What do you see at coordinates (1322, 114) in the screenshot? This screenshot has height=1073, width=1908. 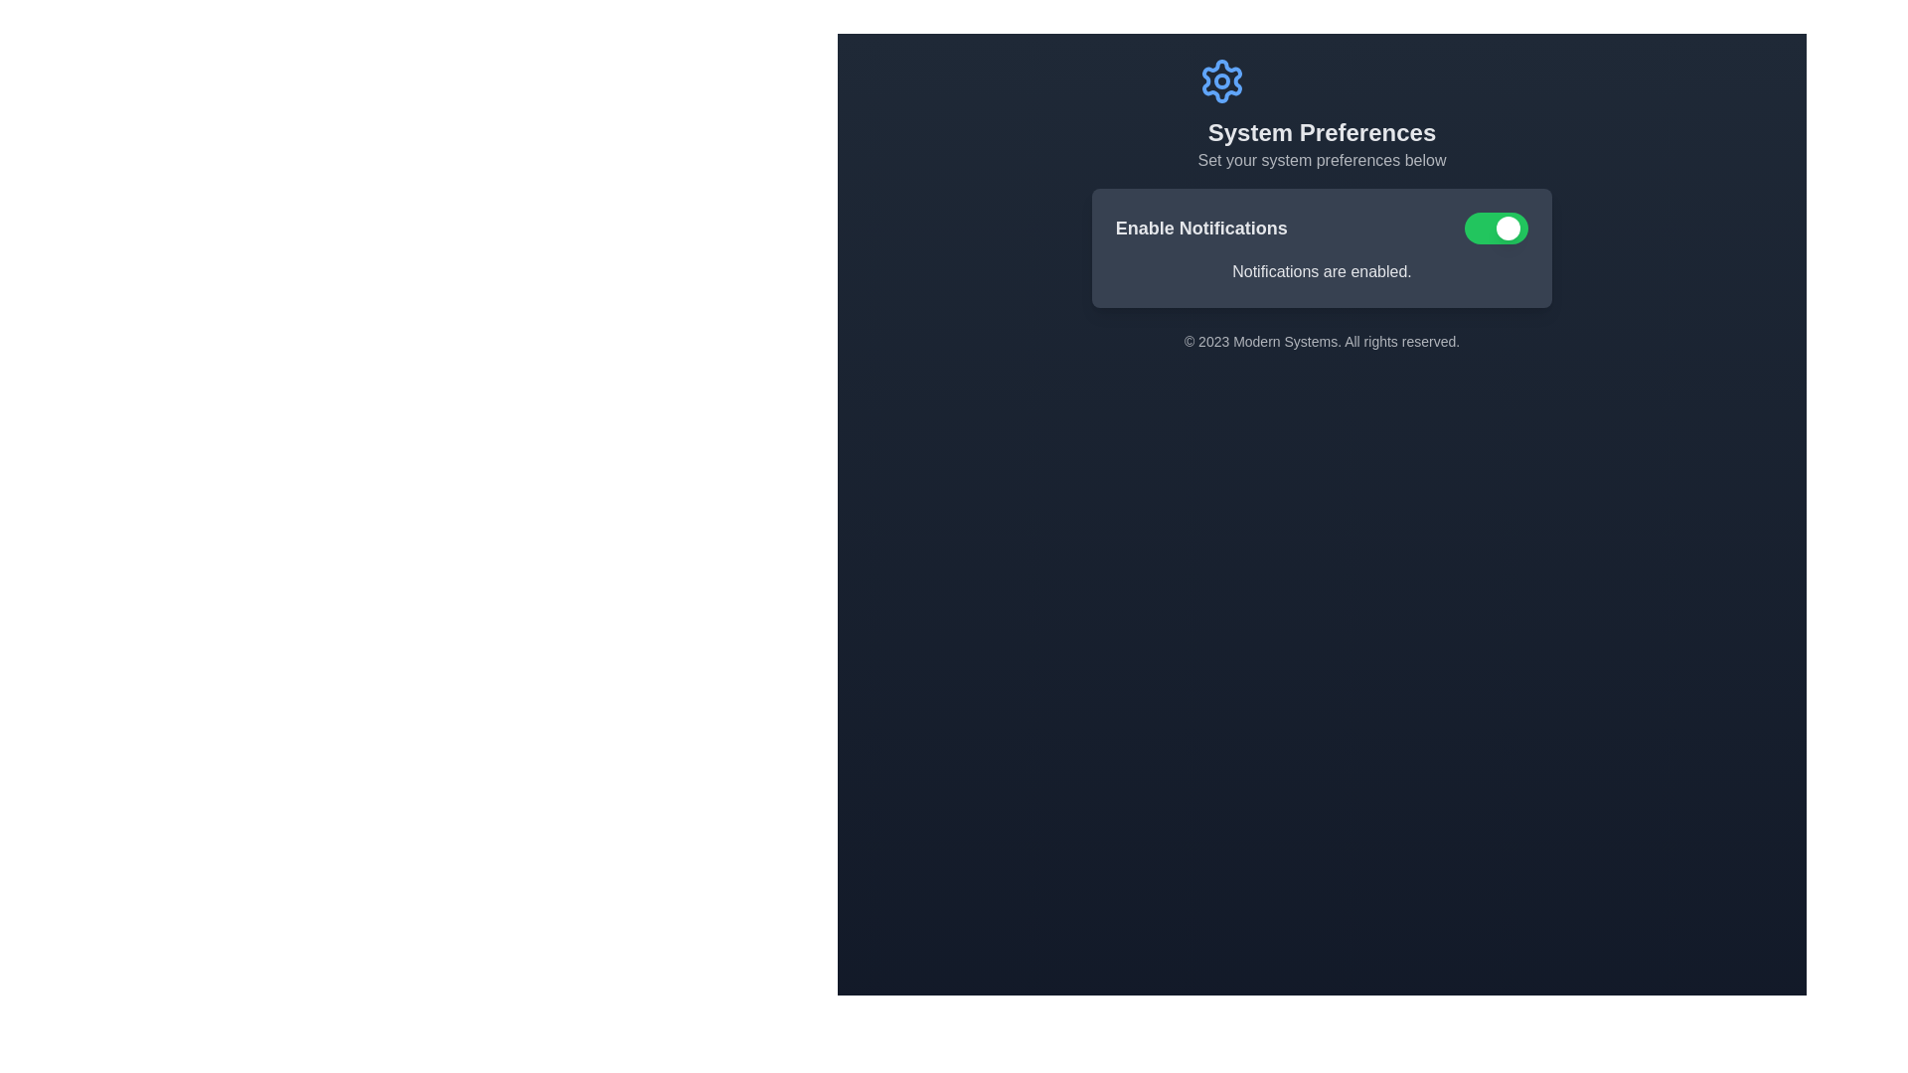 I see `title 'System Preferences' and subtitle 'Set your system preferences below' from the header element, which is visually represented with an icon at the top and is centrally aligned against a dark background` at bounding box center [1322, 114].